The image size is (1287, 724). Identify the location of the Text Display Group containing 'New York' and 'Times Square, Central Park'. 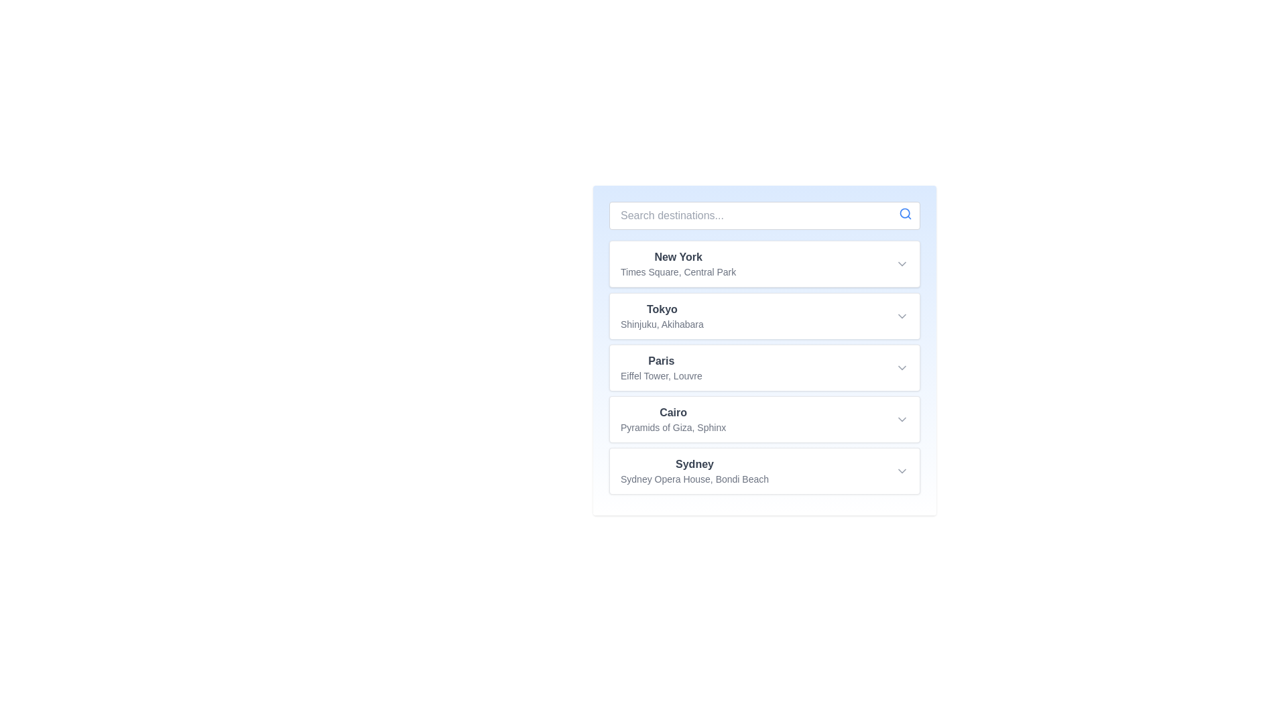
(678, 263).